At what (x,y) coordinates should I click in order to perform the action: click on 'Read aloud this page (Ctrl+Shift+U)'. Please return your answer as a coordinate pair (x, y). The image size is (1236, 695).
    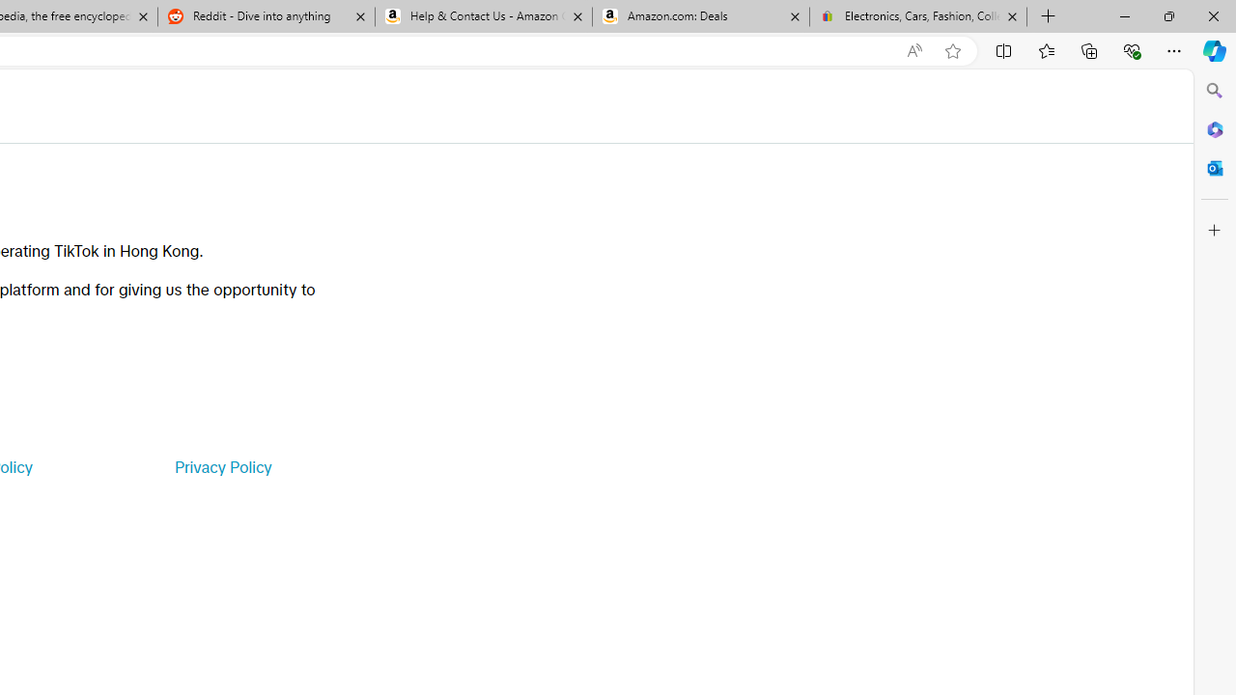
    Looking at the image, I should click on (913, 50).